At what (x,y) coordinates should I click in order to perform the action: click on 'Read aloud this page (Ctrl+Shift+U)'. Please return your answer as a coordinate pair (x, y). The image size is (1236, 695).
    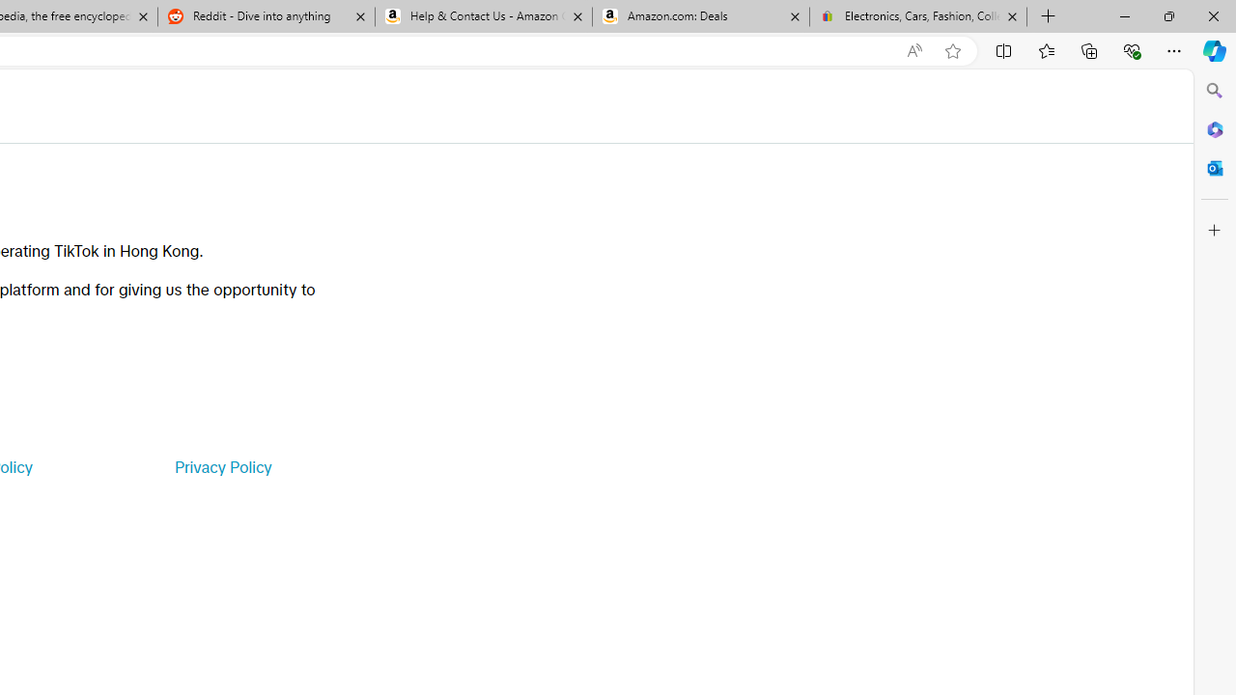
    Looking at the image, I should click on (913, 50).